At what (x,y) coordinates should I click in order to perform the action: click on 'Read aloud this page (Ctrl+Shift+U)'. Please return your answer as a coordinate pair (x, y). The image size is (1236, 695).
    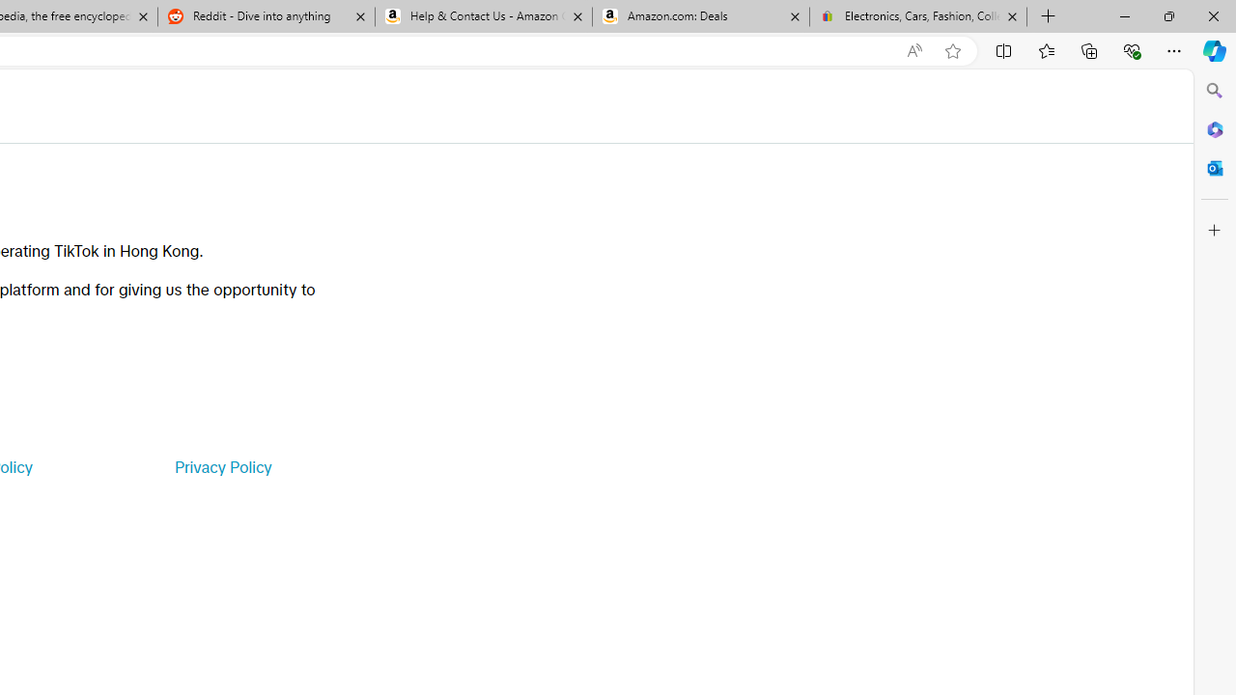
    Looking at the image, I should click on (913, 50).